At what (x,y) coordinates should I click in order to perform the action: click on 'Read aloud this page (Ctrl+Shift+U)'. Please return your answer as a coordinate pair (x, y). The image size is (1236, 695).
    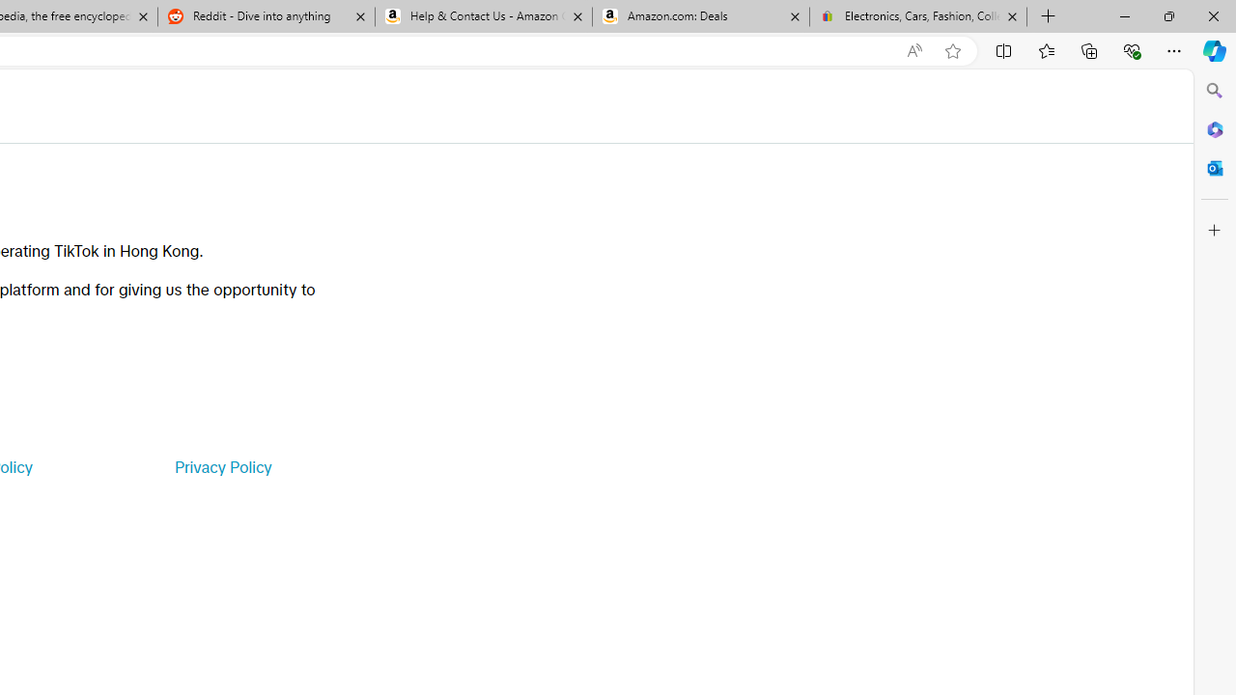
    Looking at the image, I should click on (913, 50).